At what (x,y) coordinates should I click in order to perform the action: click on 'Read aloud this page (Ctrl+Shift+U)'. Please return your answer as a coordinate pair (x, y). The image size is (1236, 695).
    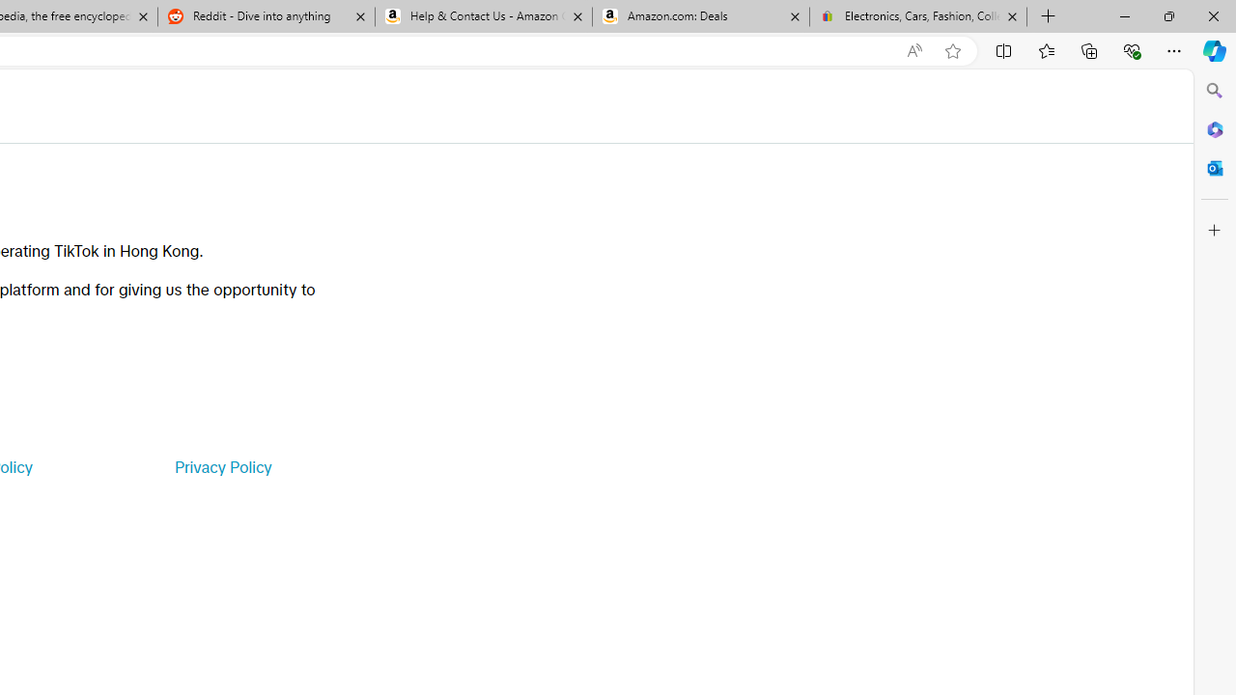
    Looking at the image, I should click on (913, 50).